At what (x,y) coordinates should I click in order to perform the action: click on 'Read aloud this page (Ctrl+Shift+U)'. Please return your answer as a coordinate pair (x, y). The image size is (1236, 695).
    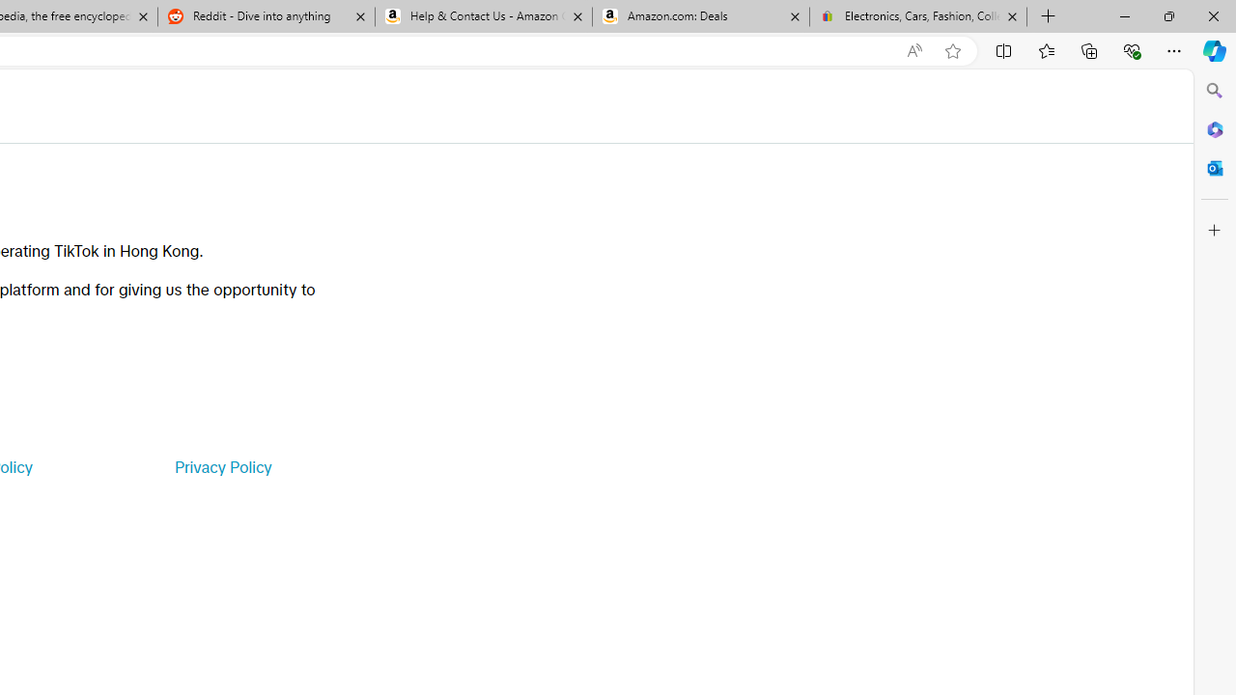
    Looking at the image, I should click on (913, 50).